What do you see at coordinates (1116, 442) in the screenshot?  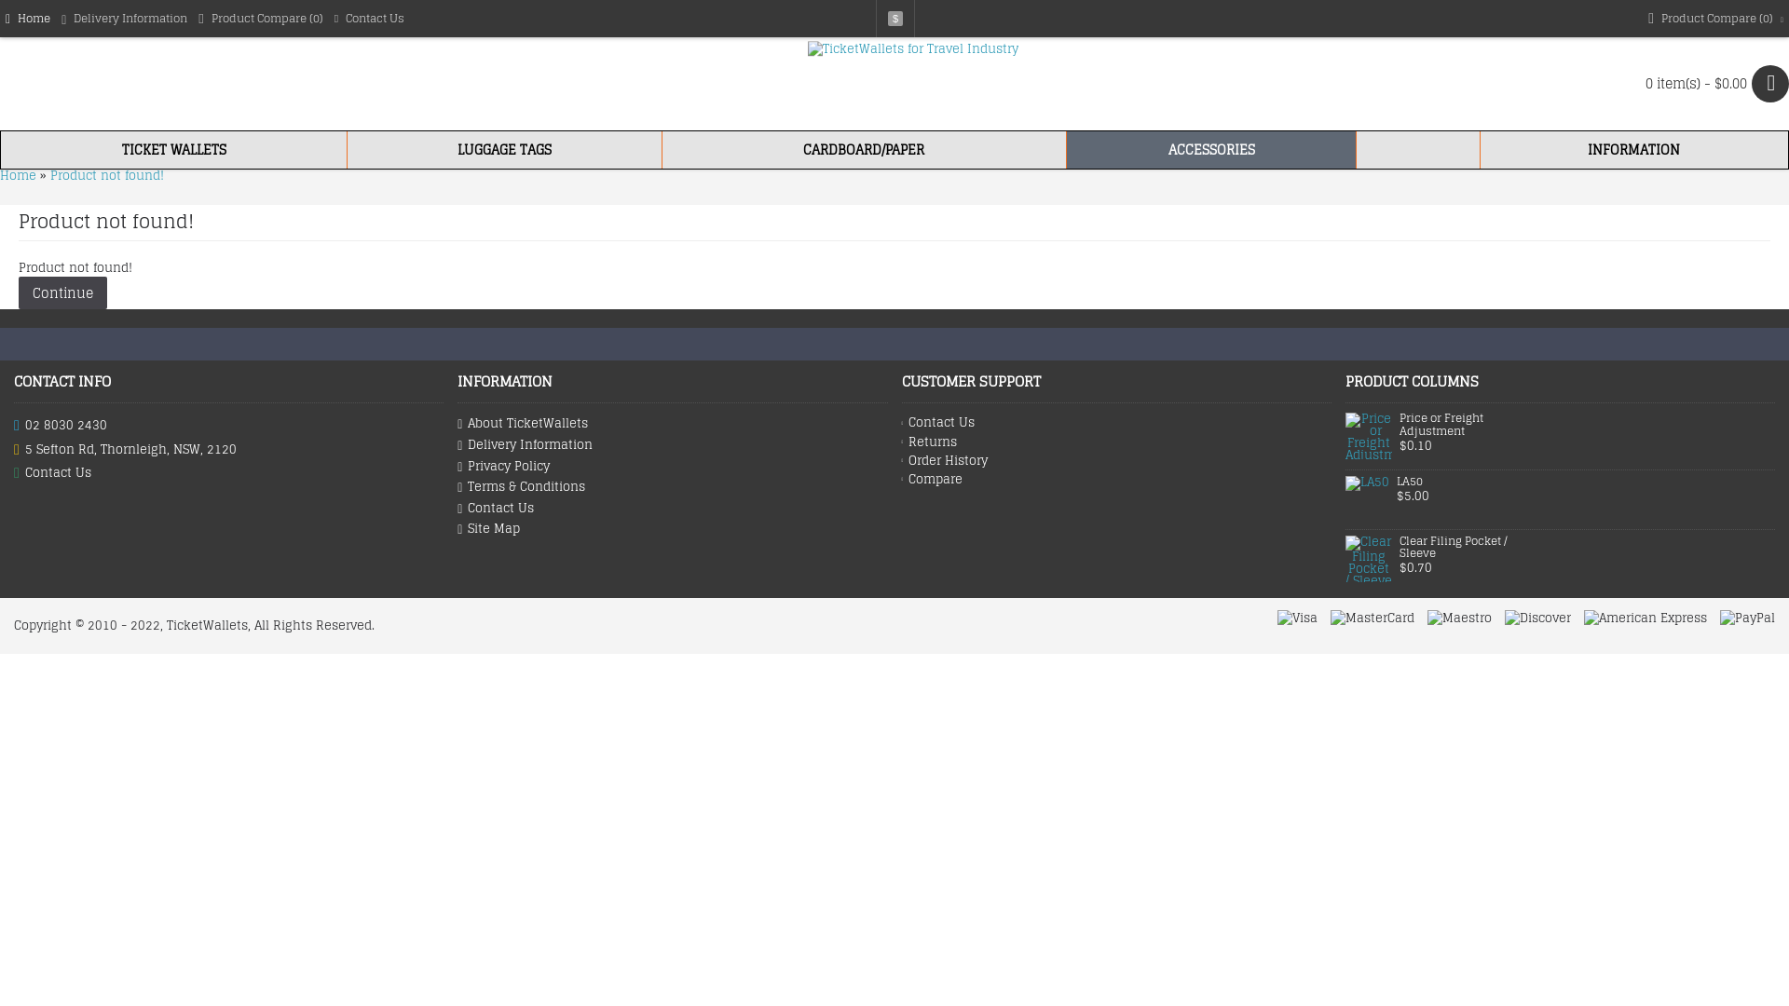 I see `'Returns'` at bounding box center [1116, 442].